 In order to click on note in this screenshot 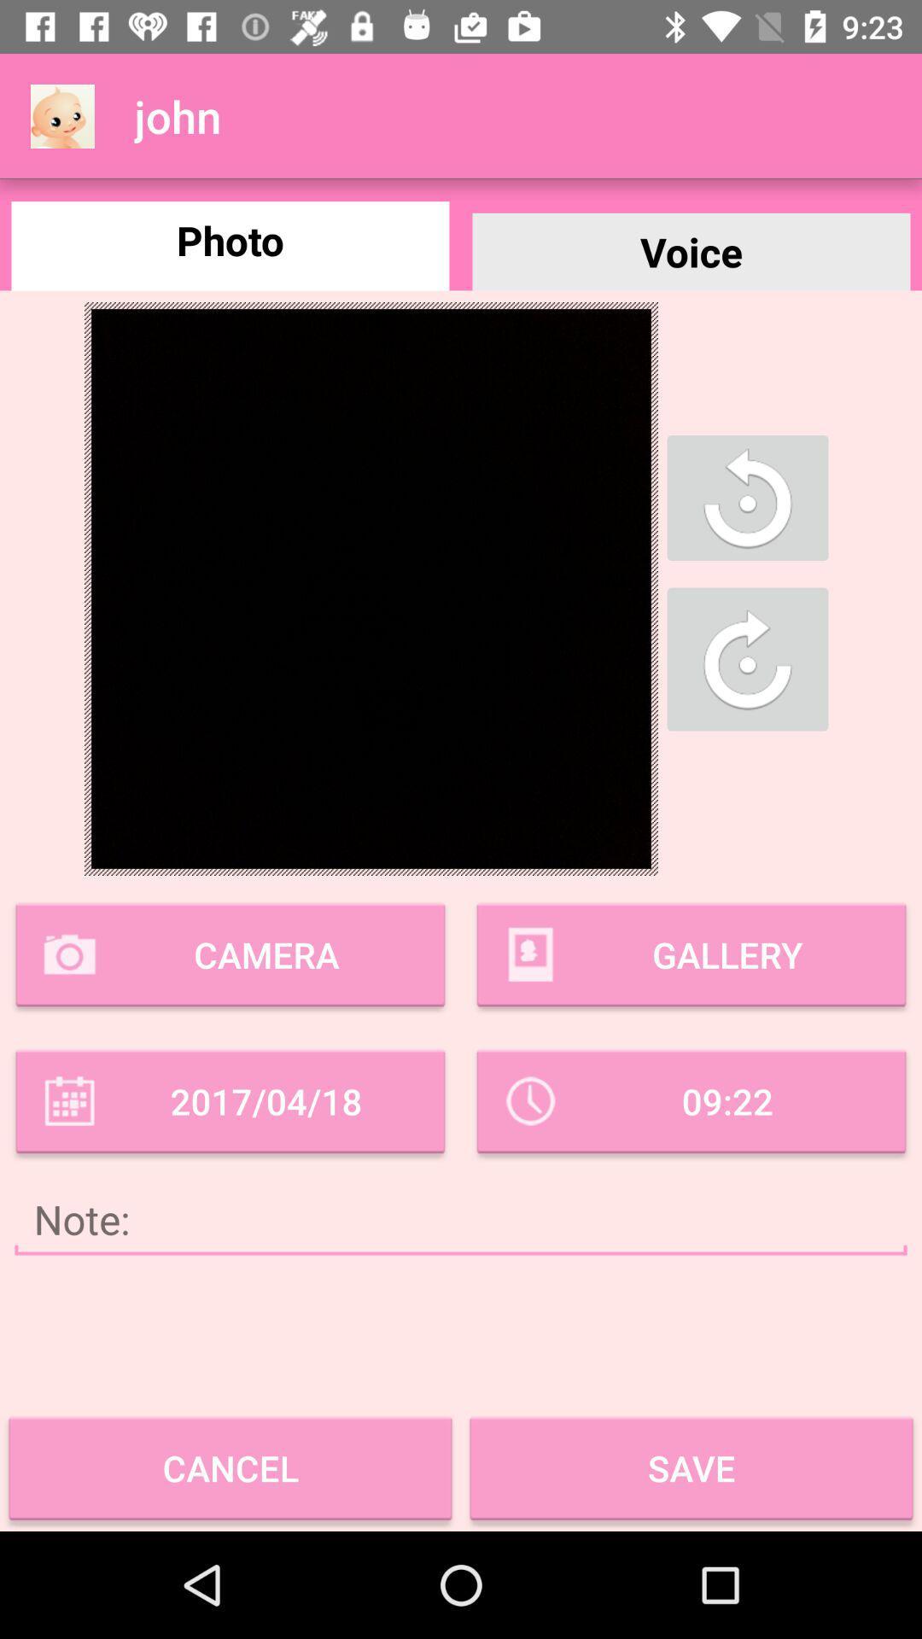, I will do `click(461, 1218)`.